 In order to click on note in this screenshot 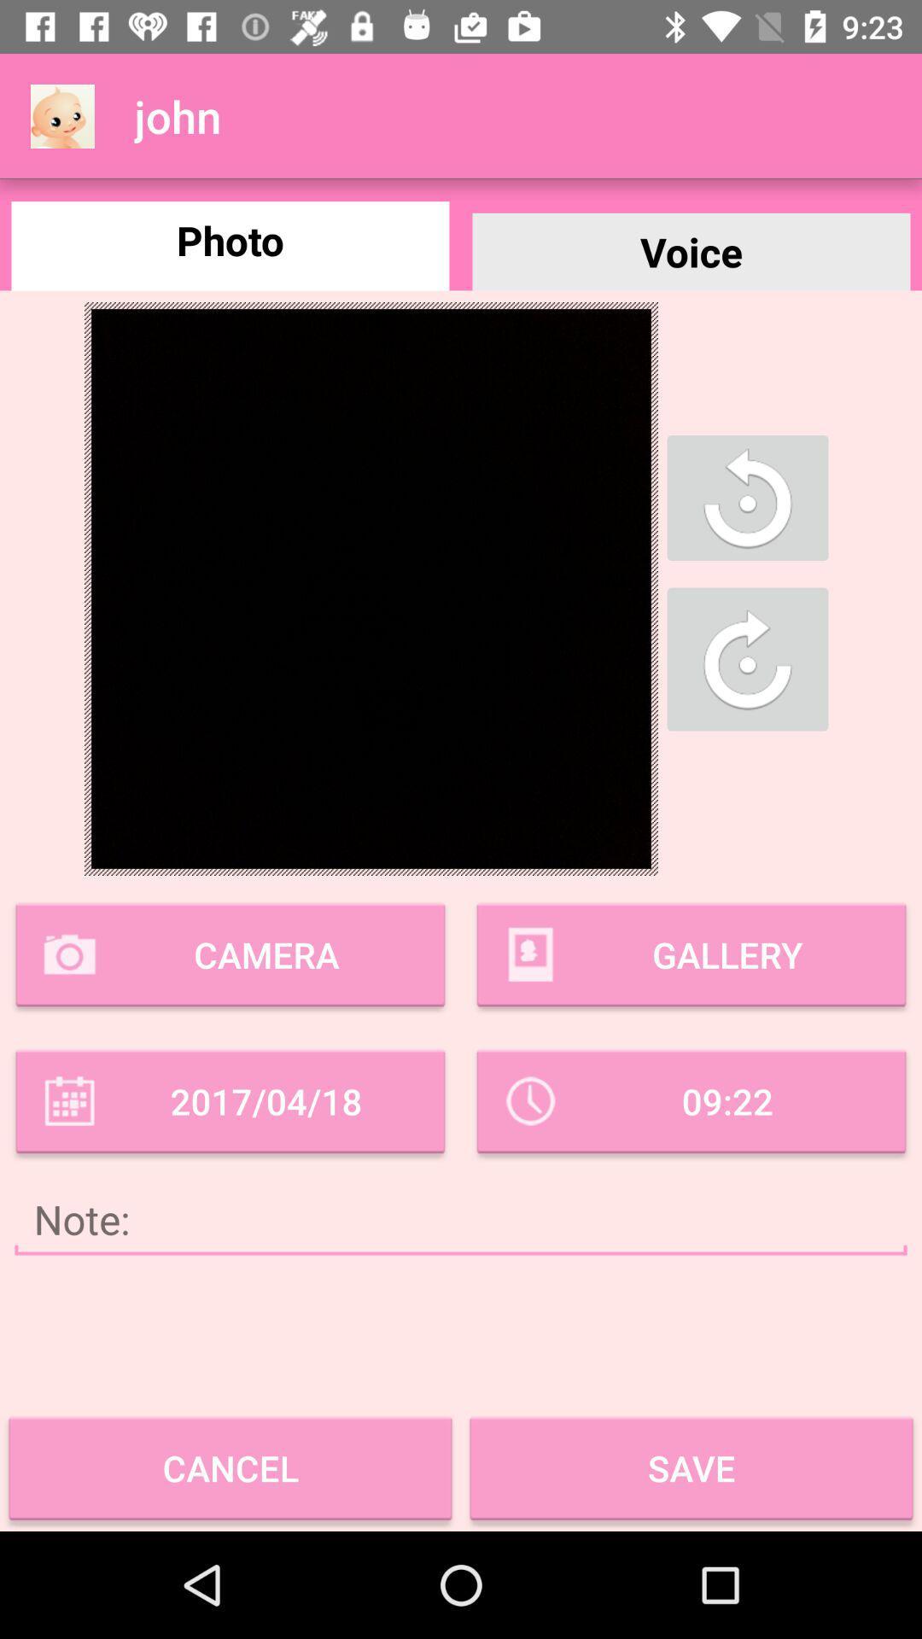, I will do `click(461, 1218)`.